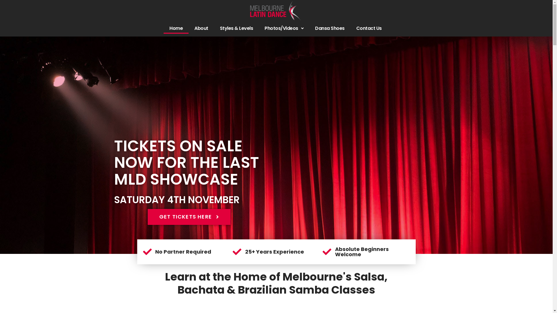 This screenshot has width=557, height=313. I want to click on 'About', so click(188, 28).